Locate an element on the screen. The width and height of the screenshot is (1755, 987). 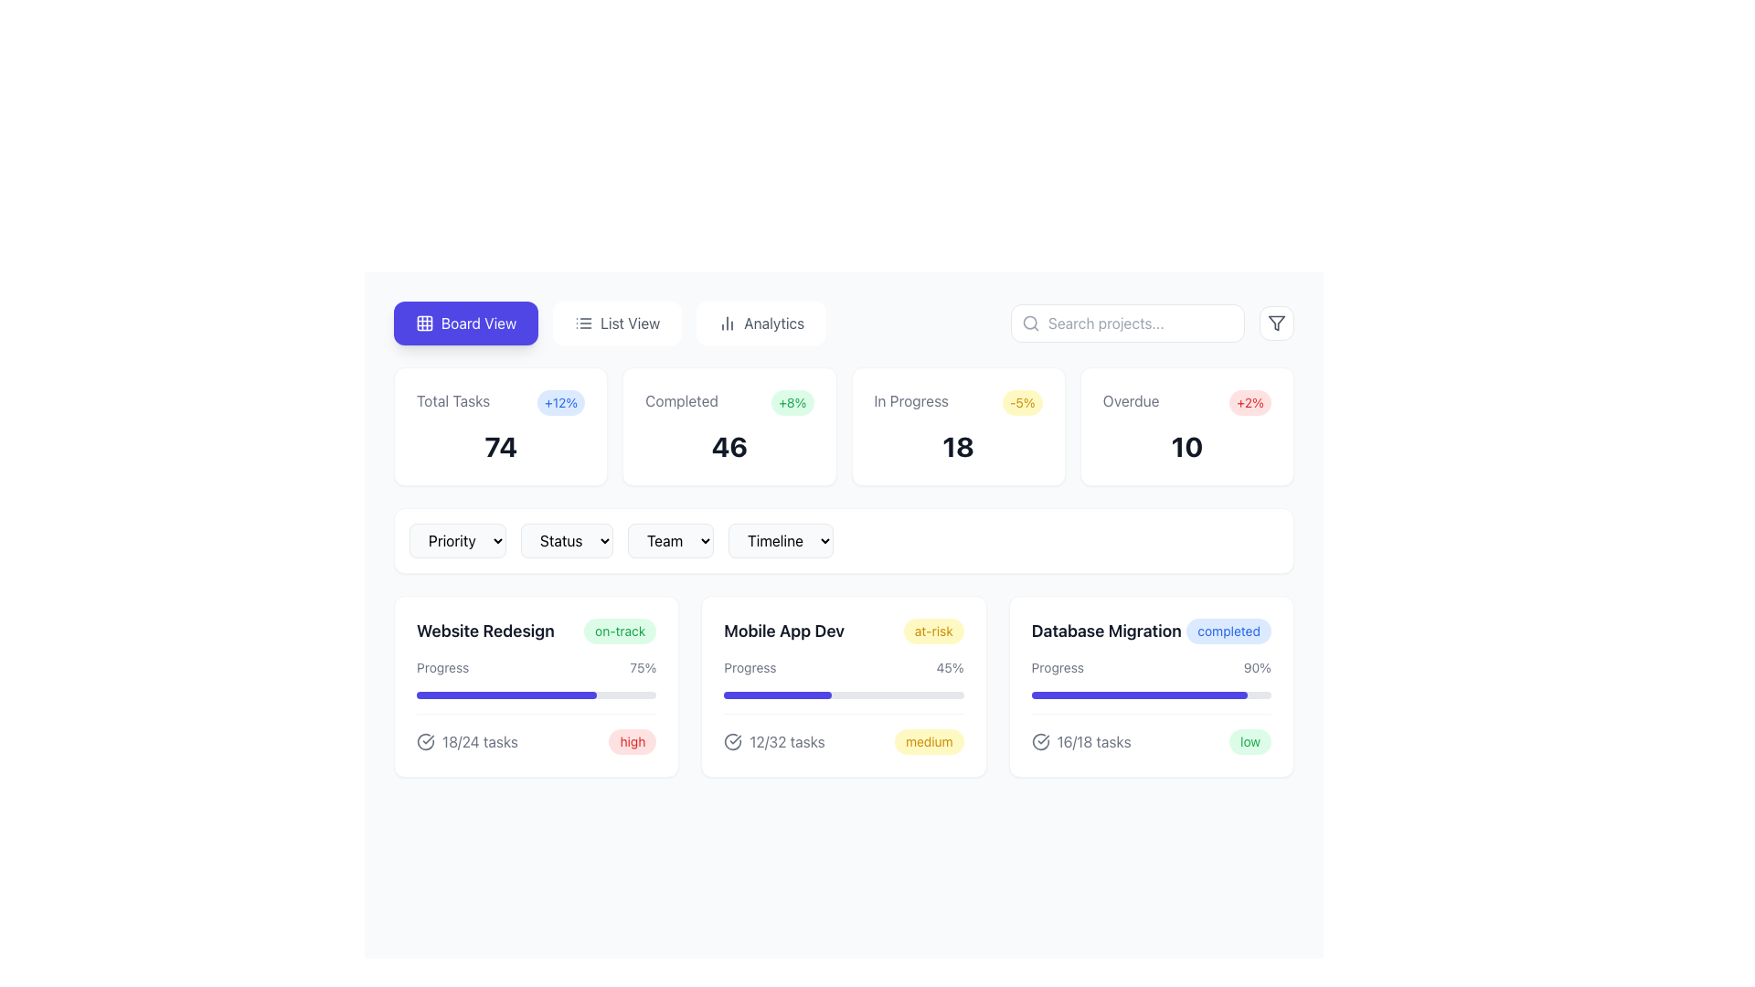
the card labeled 'In Progress -5%' that displays the count of items or tasks categorized as 'In Progress' is located at coordinates (957, 447).